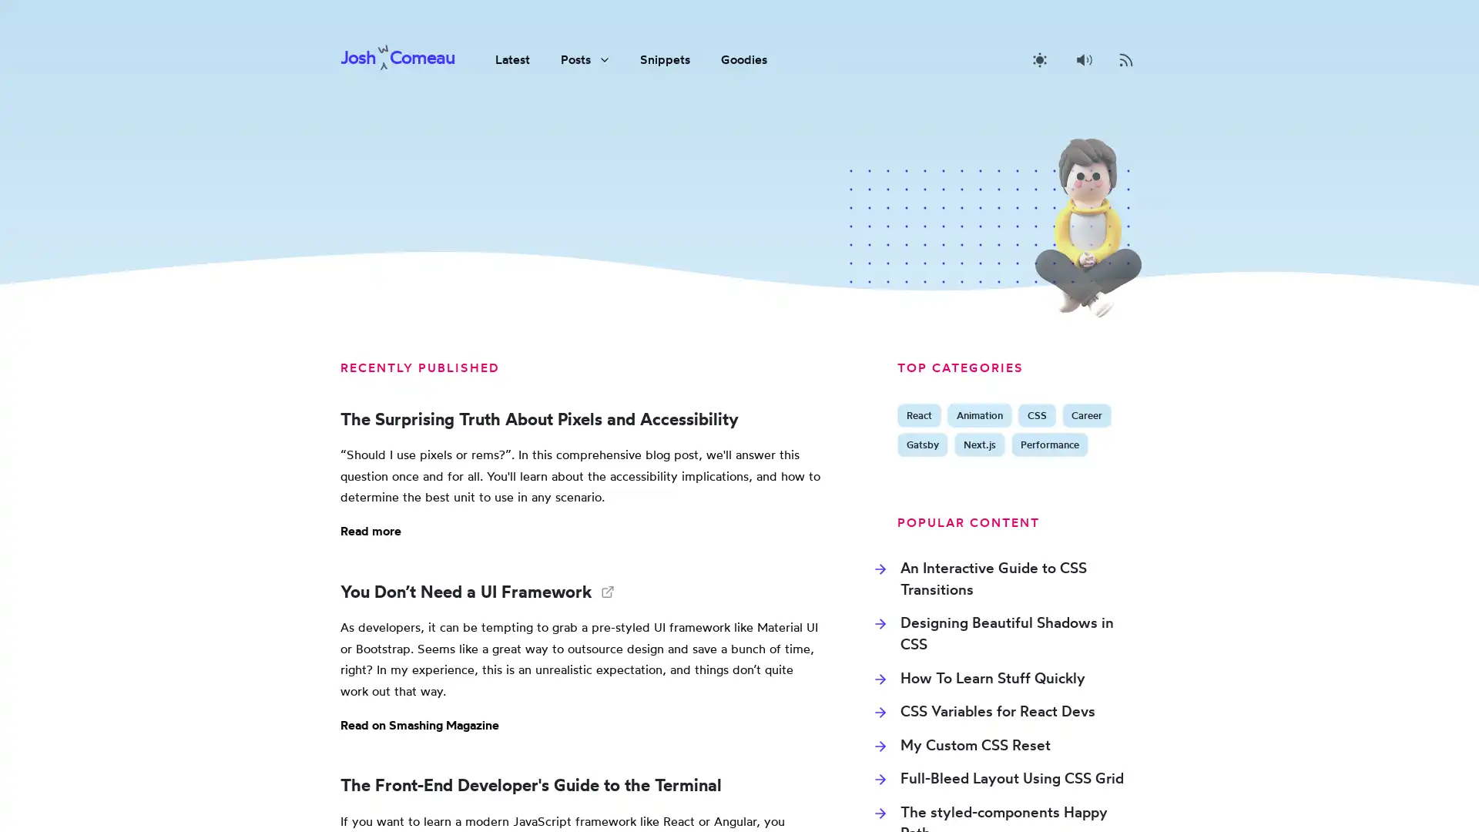 The image size is (1479, 832). What do you see at coordinates (1039, 59) in the screenshot?
I see `Activate dark mode` at bounding box center [1039, 59].